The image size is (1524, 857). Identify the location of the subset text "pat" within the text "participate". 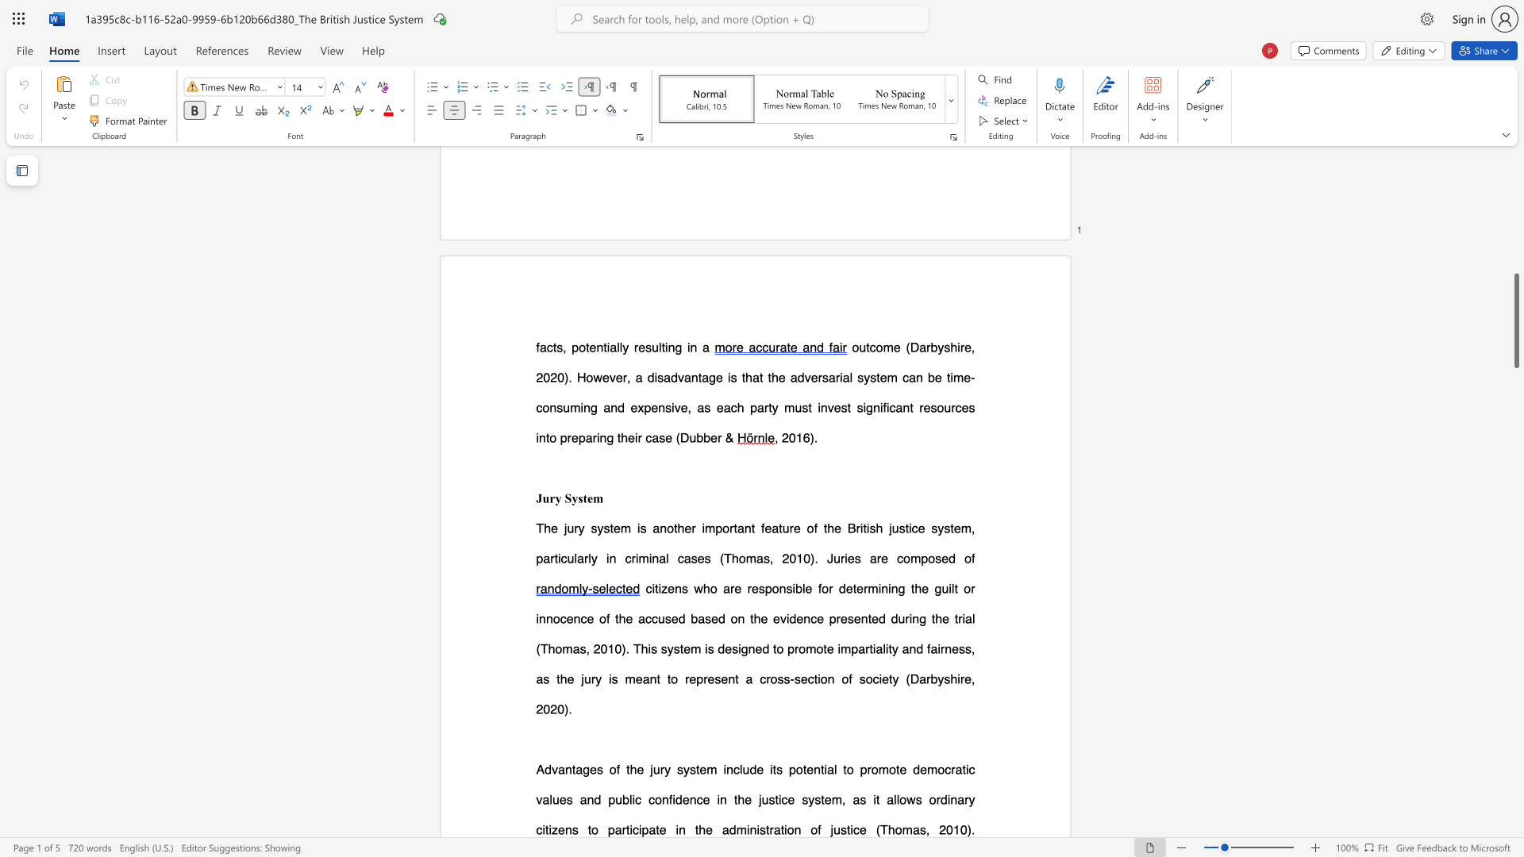
(641, 828).